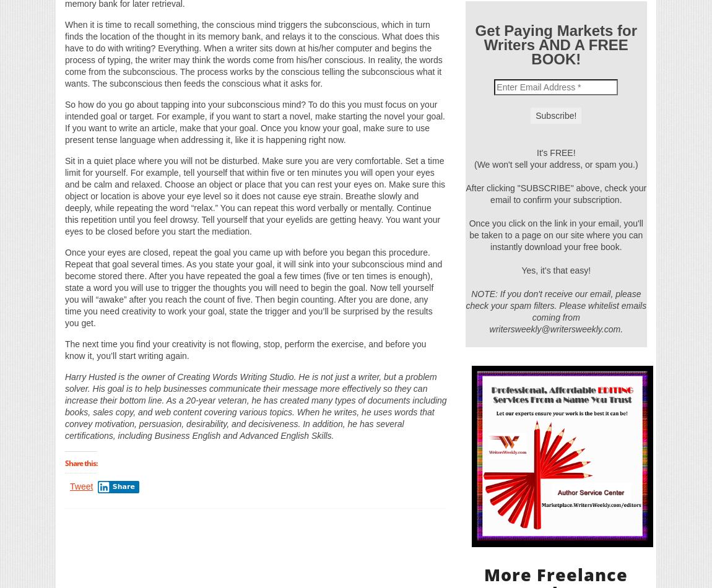 This screenshot has width=712, height=588. I want to click on 'When it is time to recall something, the conscious mind triggers the subconscious, which in turn finds the location of the thought in its memory bank, and relays it to the conscious. What does this have to do with writing? Everything. When a writer sits down at his/her computer and begins the process of typing, the writer may think the words come from his/her conscious. In reality, the words come from the subconscious. The process works by the conscious telling the subconscious what it wants. The subconscious then feeds the conscious what it asks for.', so click(253, 53).